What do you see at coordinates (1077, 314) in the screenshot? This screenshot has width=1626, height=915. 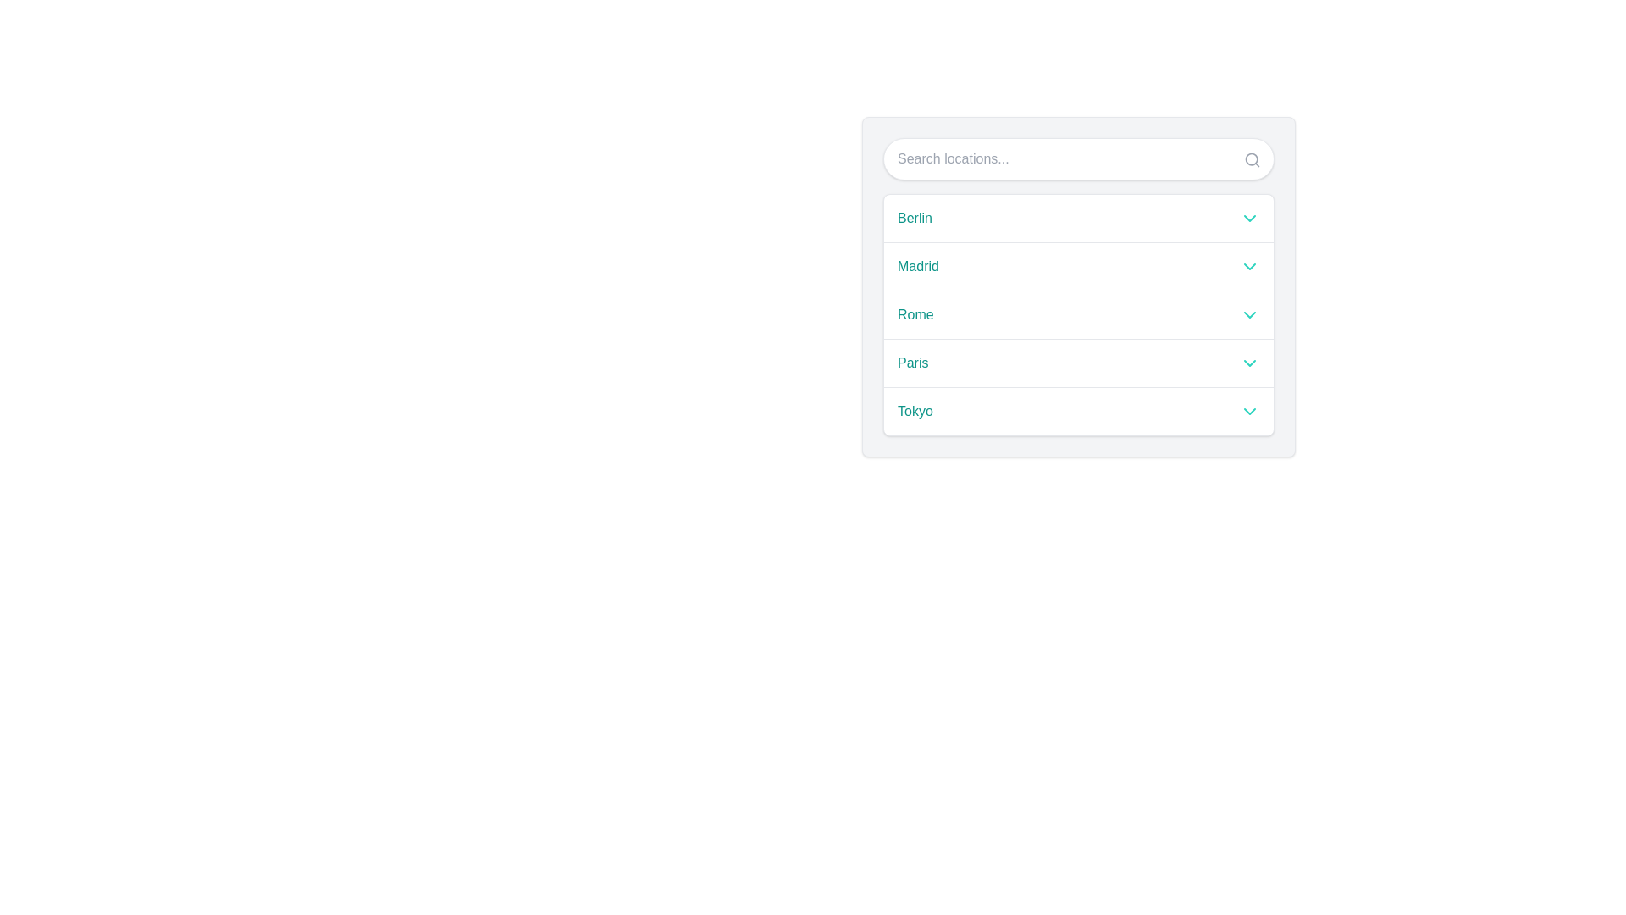 I see `the third item in the dropdown menu, labeled 'Rome'` at bounding box center [1077, 314].